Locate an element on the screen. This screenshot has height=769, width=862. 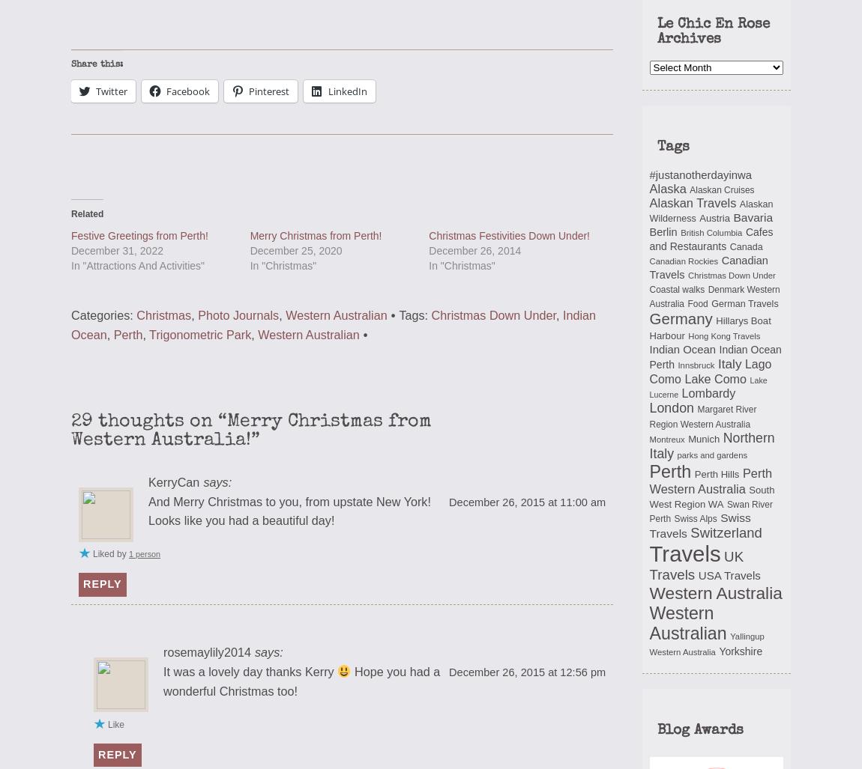
'Hope you had a wonderful Christmas too!' is located at coordinates (301, 679).